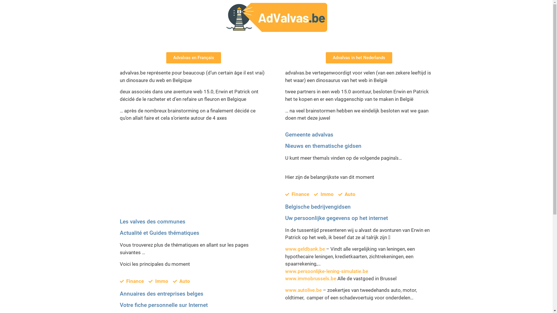 The height and width of the screenshot is (313, 557). What do you see at coordinates (310, 278) in the screenshot?
I see `'www.immobrussels.be'` at bounding box center [310, 278].